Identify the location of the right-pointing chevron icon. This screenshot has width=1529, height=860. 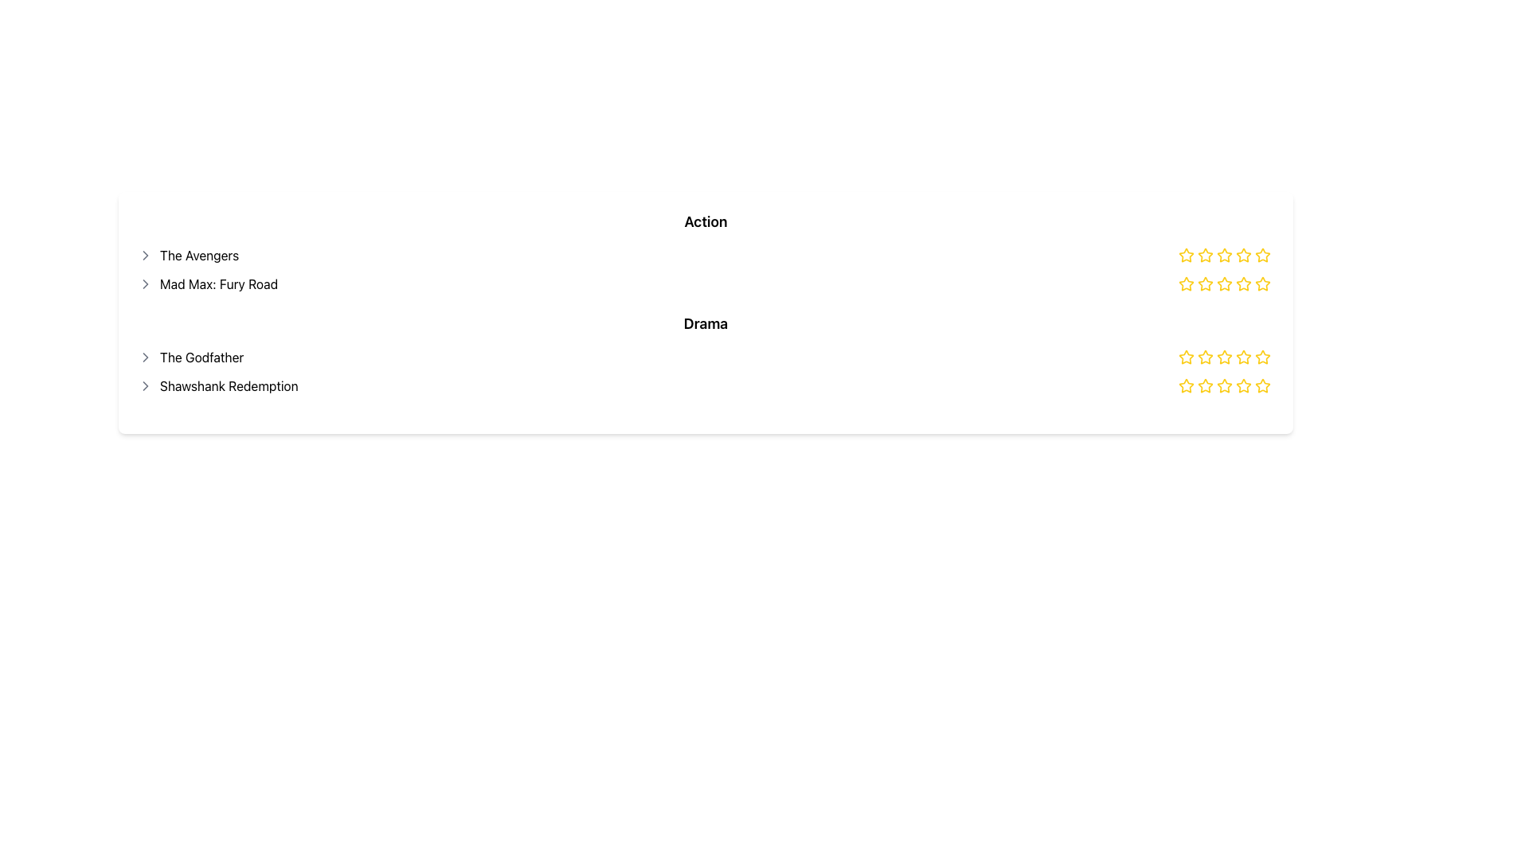
(145, 356).